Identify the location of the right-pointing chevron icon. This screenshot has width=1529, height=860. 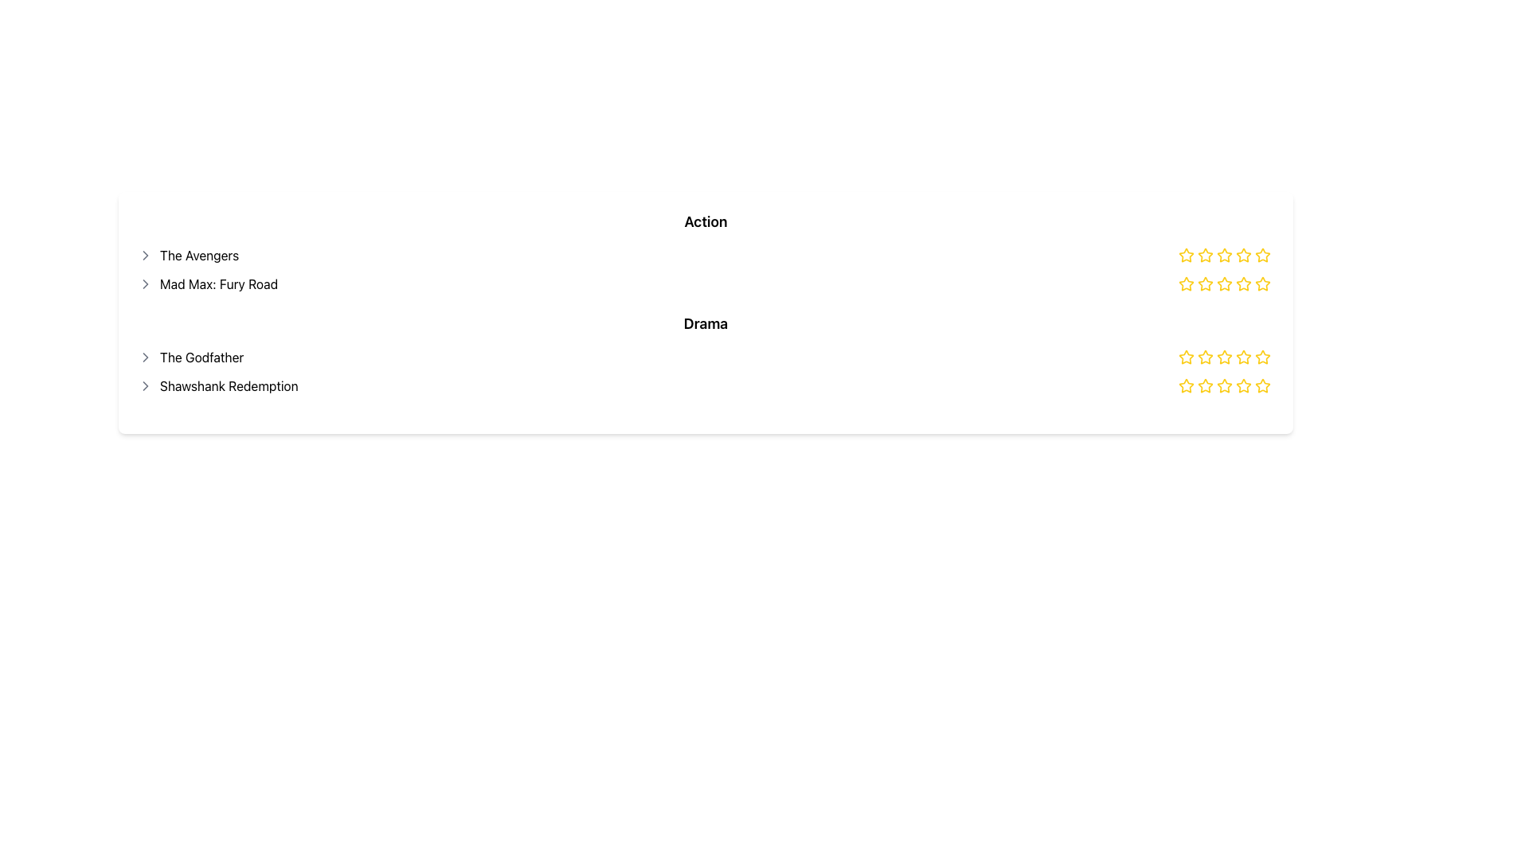
(145, 356).